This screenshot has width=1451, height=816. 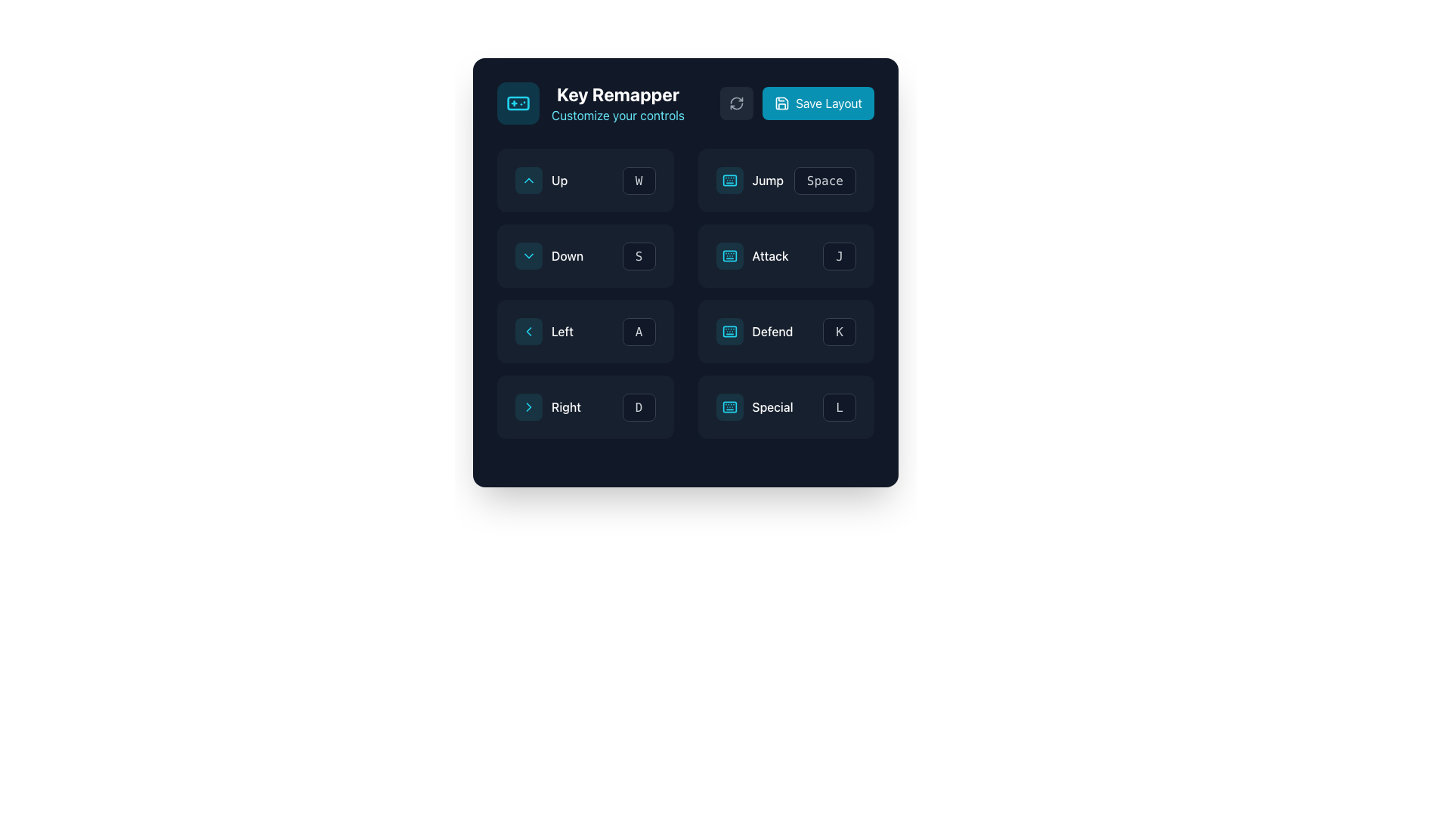 What do you see at coordinates (529, 406) in the screenshot?
I see `the rightward chevron arrow icon located in the 'Right' keybinding button of the key mapping section, positioned next to the 'Right' text` at bounding box center [529, 406].